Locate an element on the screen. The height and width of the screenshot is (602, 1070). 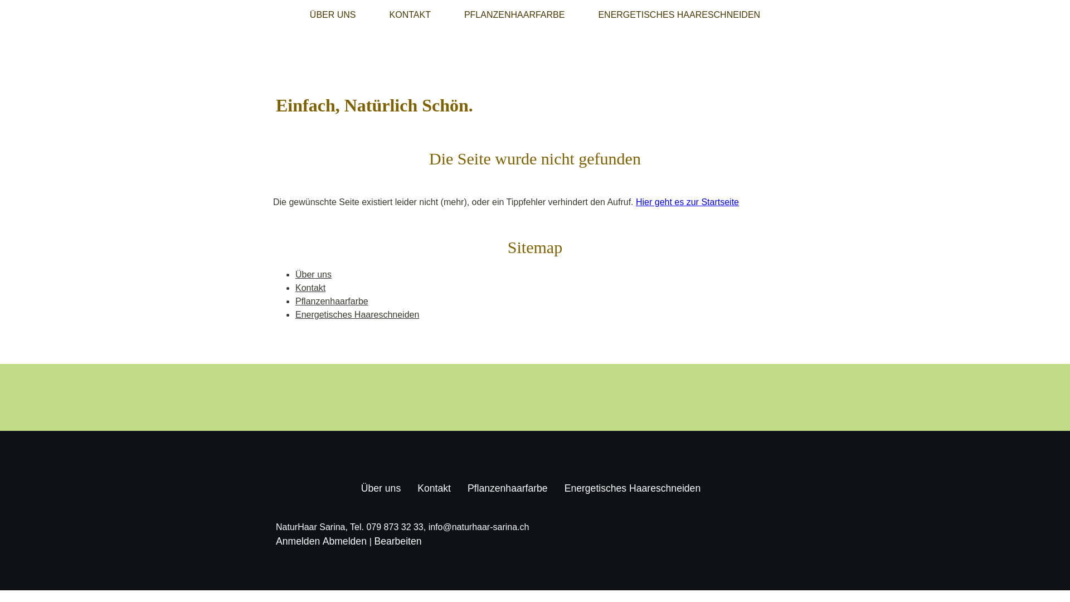
'Kontakt' is located at coordinates (433, 487).